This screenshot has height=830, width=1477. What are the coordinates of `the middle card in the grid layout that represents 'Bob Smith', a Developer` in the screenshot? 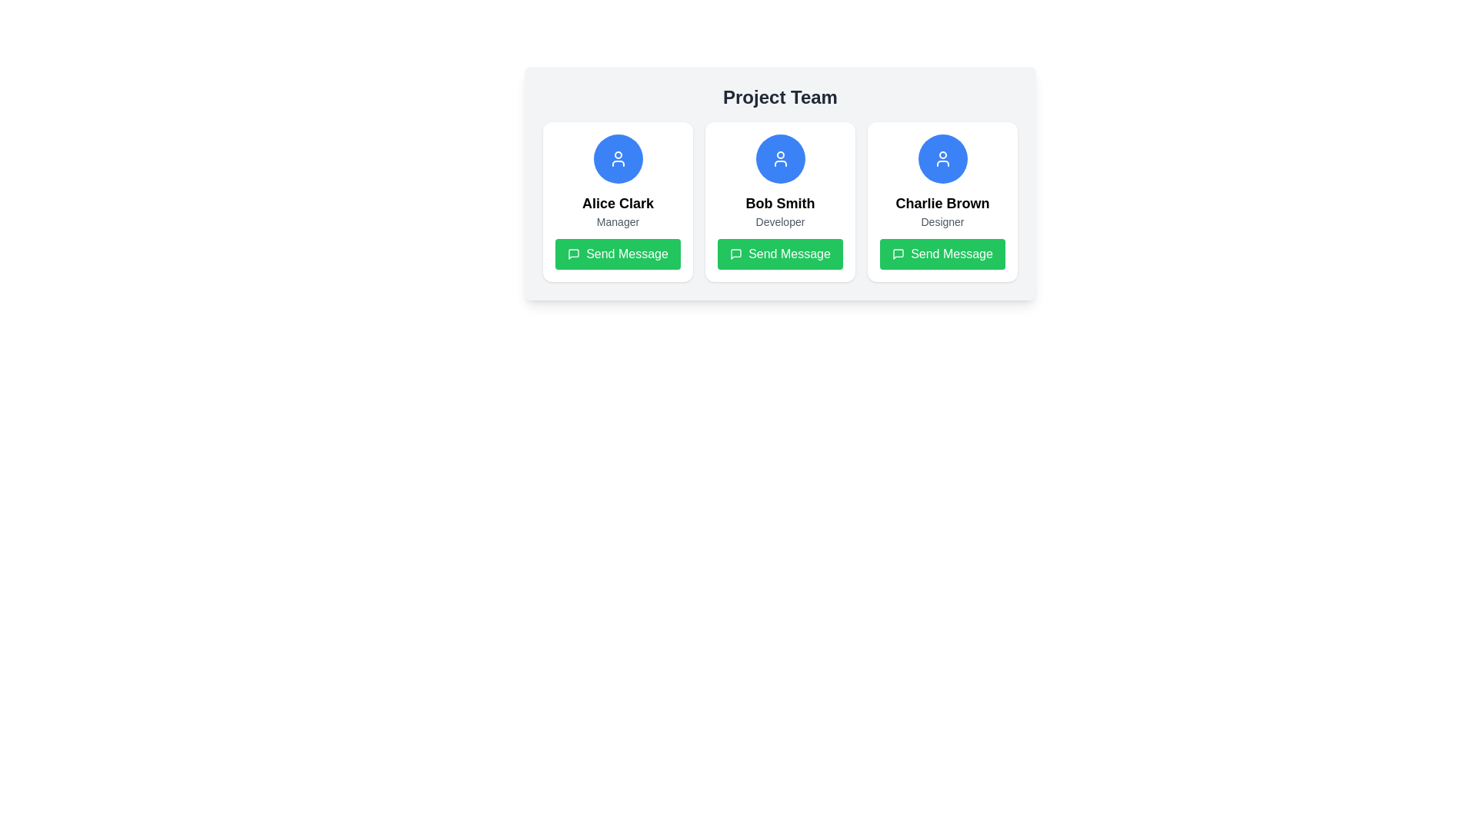 It's located at (780, 201).